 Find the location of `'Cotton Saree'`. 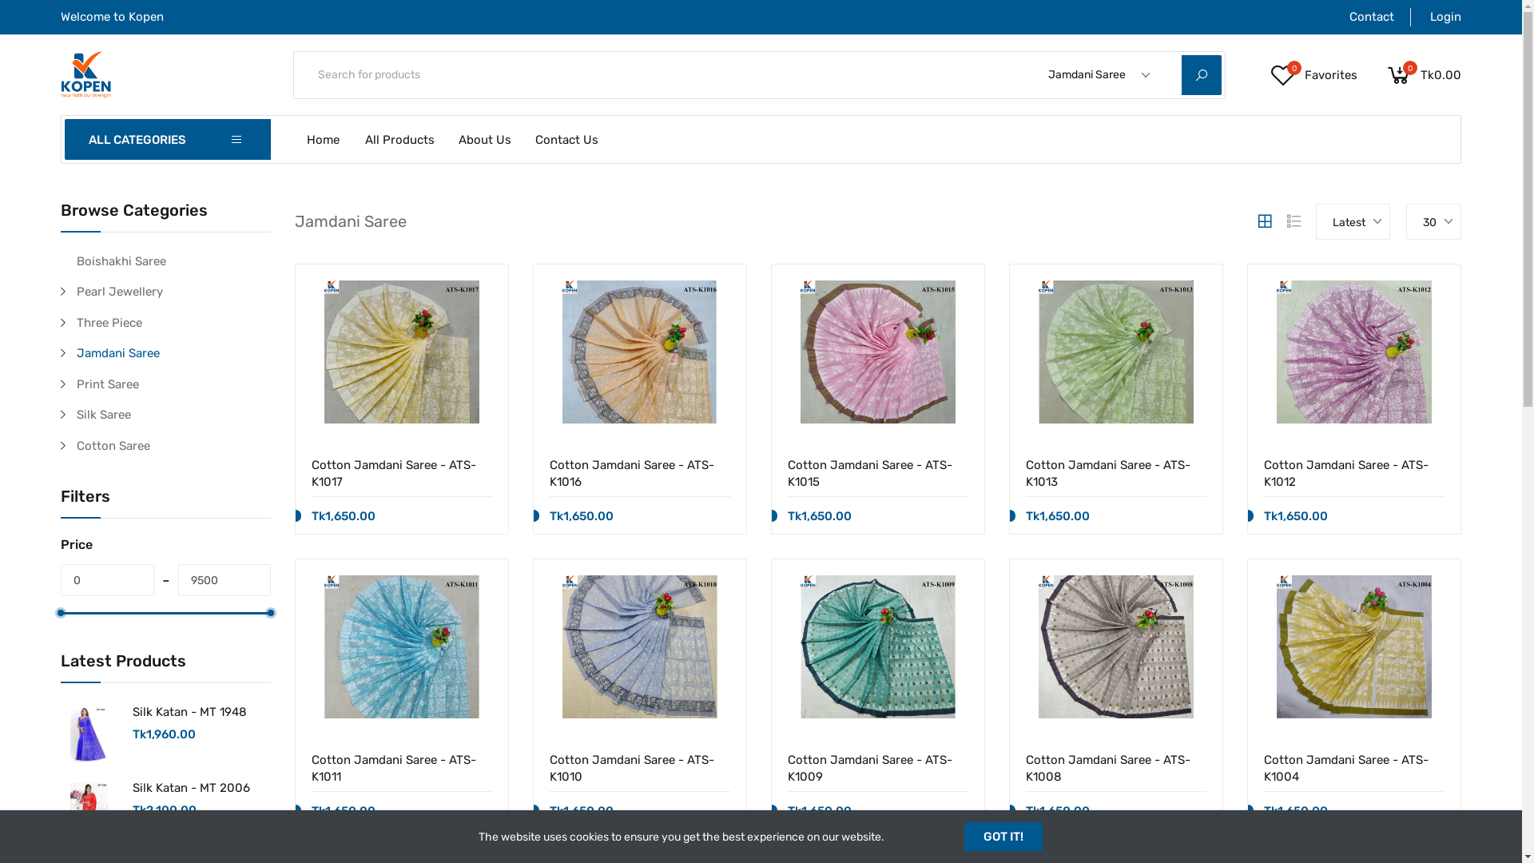

'Cotton Saree' is located at coordinates (173, 445).